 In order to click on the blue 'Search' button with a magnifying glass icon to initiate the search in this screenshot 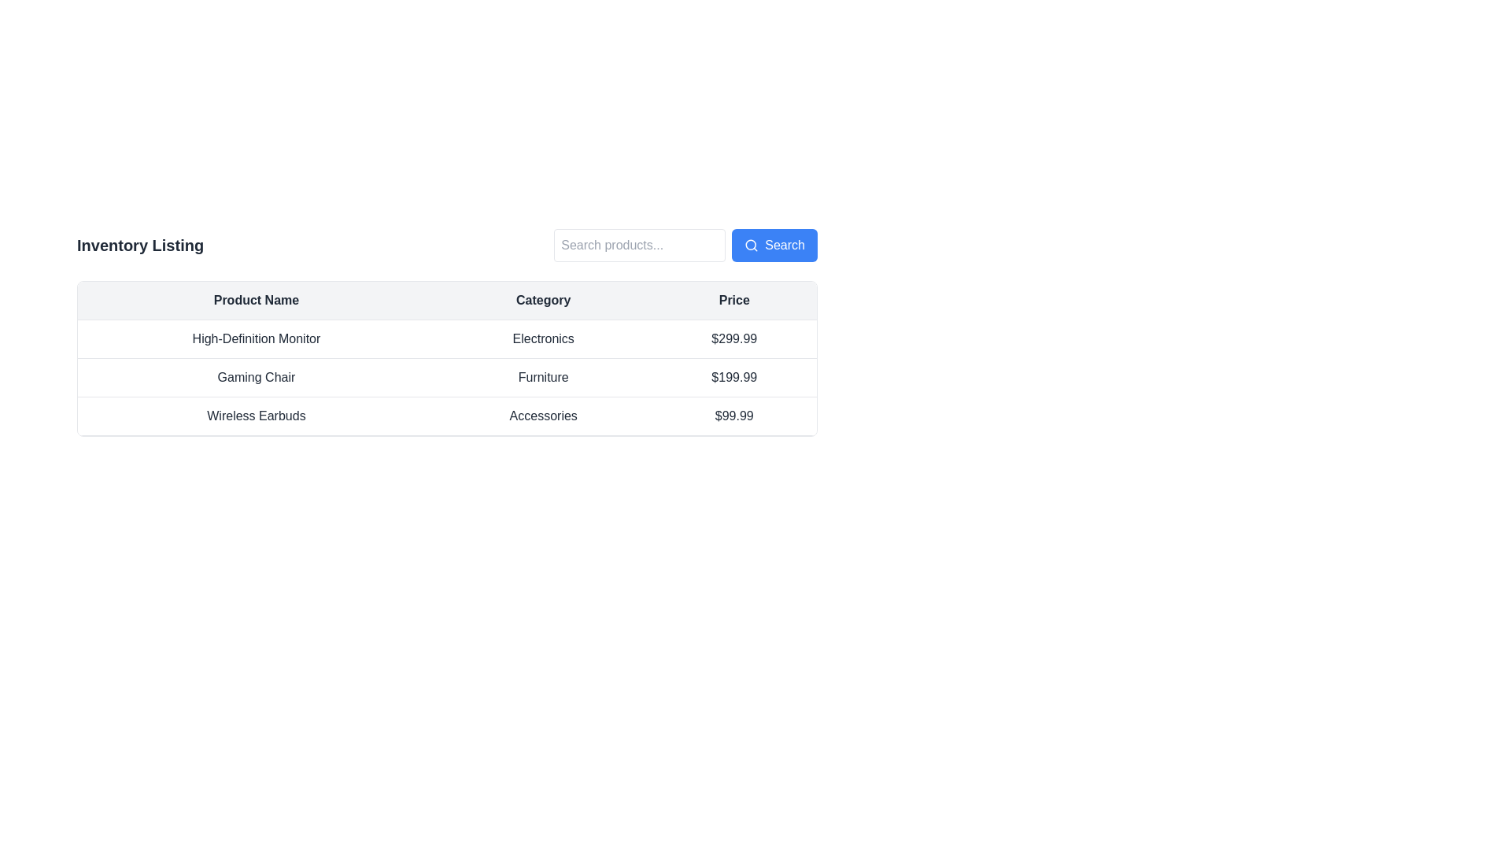, I will do `click(774, 246)`.